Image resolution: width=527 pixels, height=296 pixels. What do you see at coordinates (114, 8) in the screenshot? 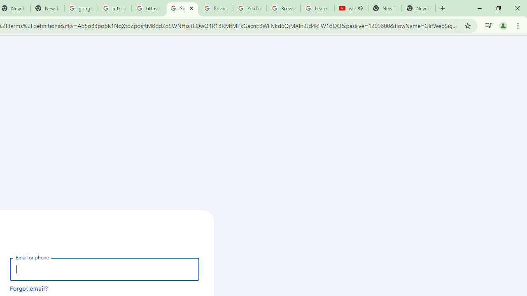
I see `'https://scholar.google.com/'` at bounding box center [114, 8].